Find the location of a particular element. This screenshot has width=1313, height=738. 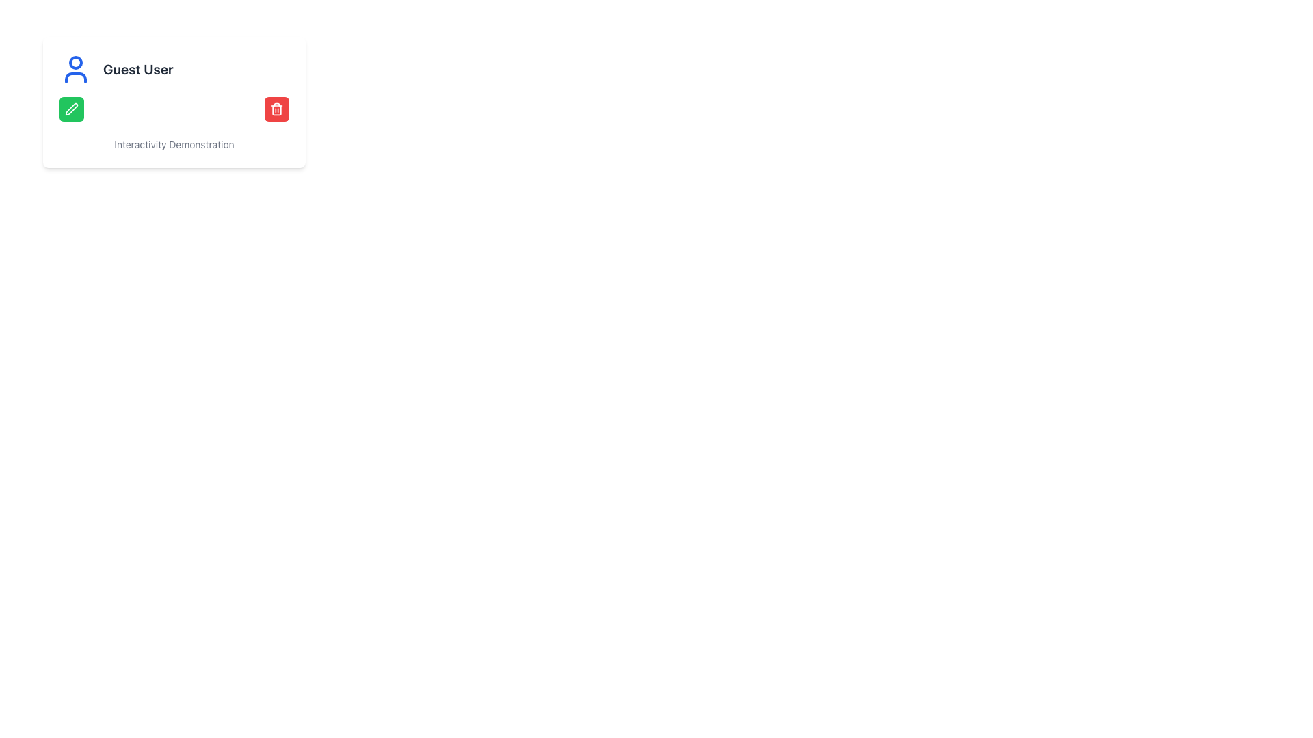

the green square icon button with a pen symbol is located at coordinates (71, 108).